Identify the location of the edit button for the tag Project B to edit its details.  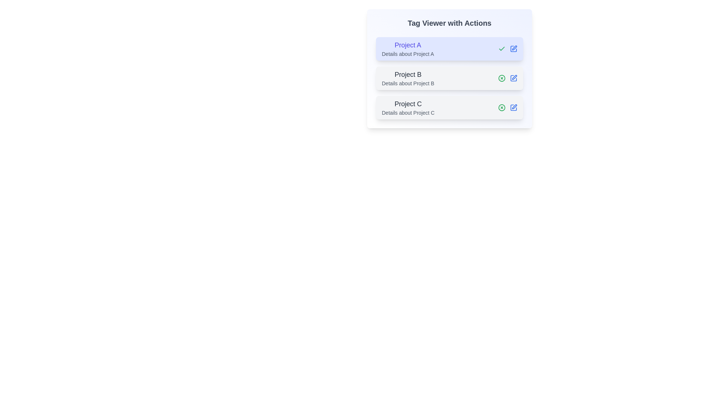
(513, 78).